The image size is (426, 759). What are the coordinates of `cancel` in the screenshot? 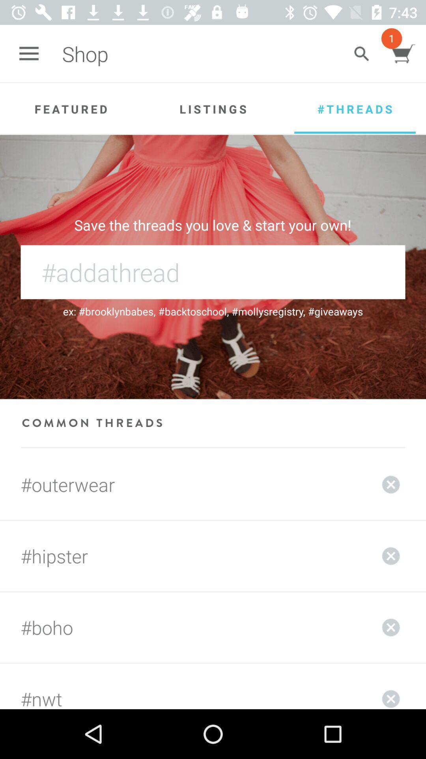 It's located at (391, 627).